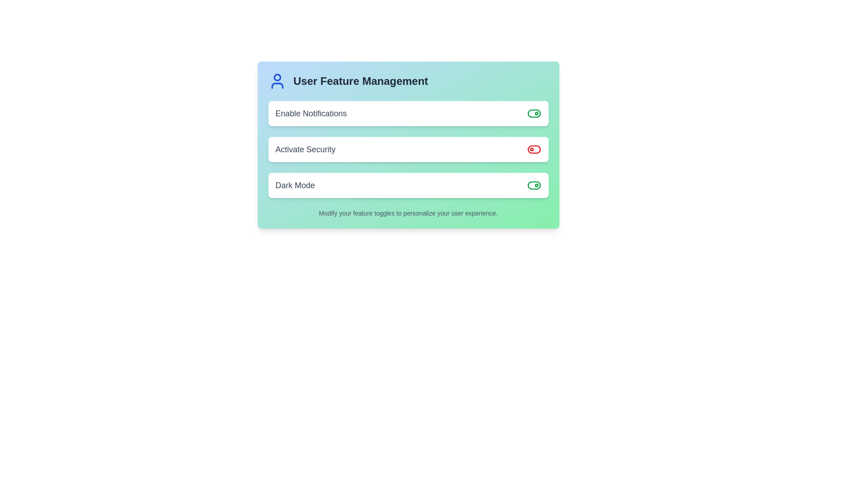 The height and width of the screenshot is (485, 862). I want to click on the text header displaying 'User Feature Management', which is styled in a bold, large dark gray font and is positioned to the right of a user icon, so click(361, 81).